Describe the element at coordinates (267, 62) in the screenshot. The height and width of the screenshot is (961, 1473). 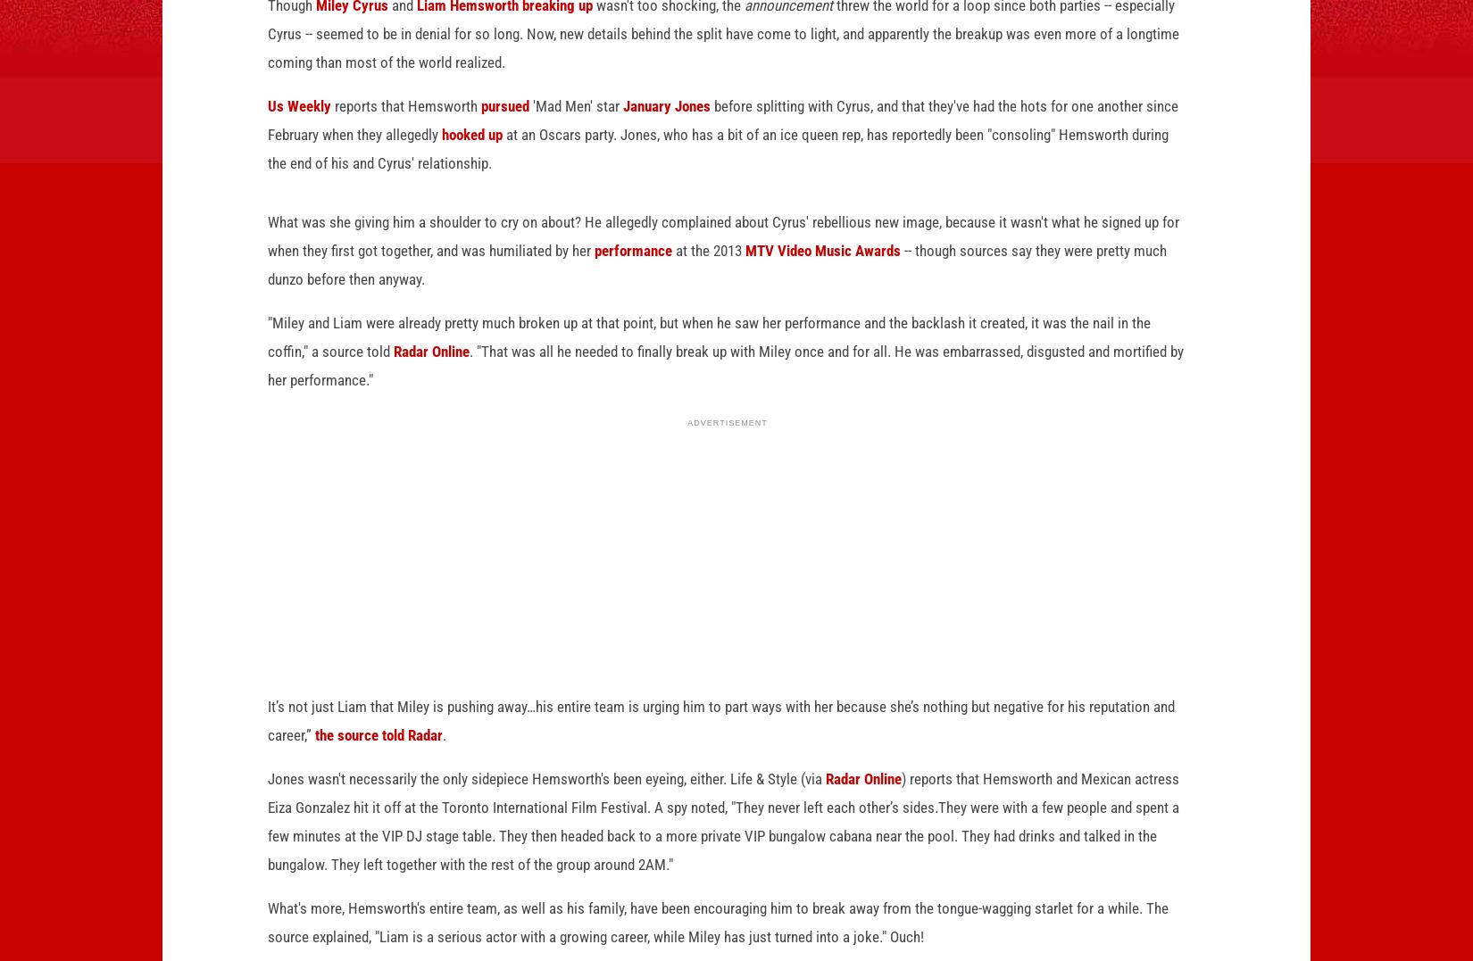
I see `'threw the world for a loop since both parties -- especially Cyrus -- seemed to be in denial for so long. Now, new details behind the split have come to light, and apparently the breakup was even more of a longtime coming than most of the world realized.'` at that location.